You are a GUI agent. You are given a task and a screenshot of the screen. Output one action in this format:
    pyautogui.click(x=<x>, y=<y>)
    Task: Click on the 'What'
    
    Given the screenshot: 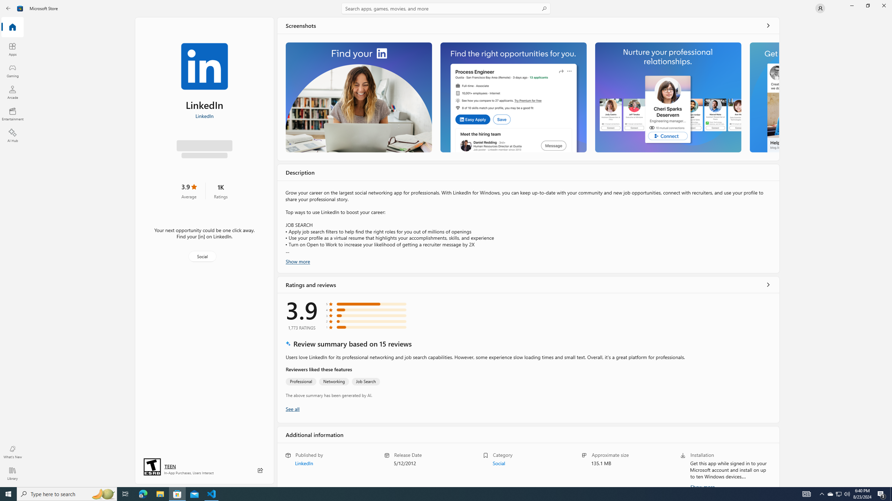 What is the action you would take?
    pyautogui.click(x=12, y=452)
    